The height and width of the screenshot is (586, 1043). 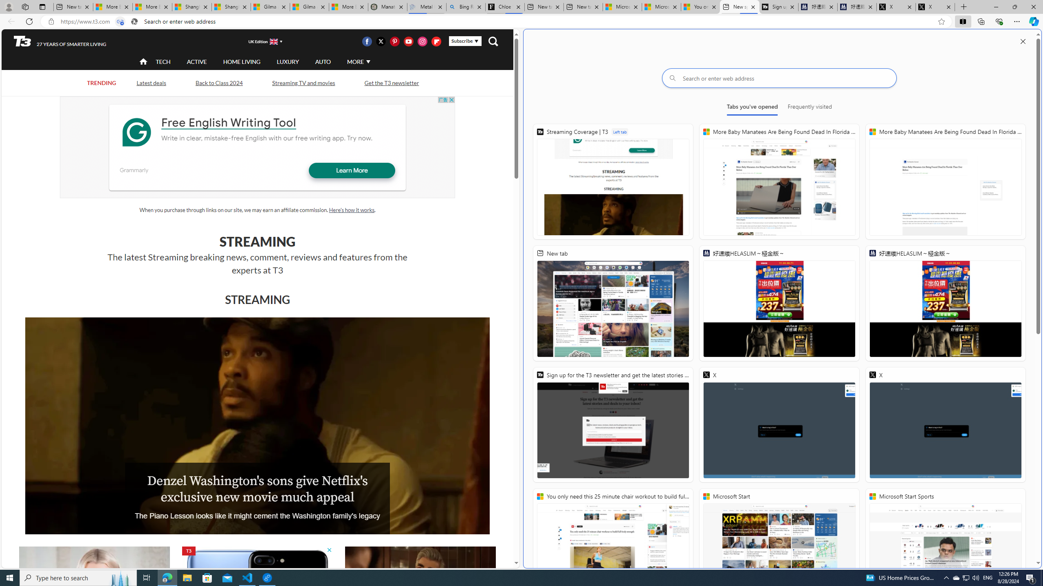 What do you see at coordinates (151, 82) in the screenshot?
I see `'Latest deals'` at bounding box center [151, 82].